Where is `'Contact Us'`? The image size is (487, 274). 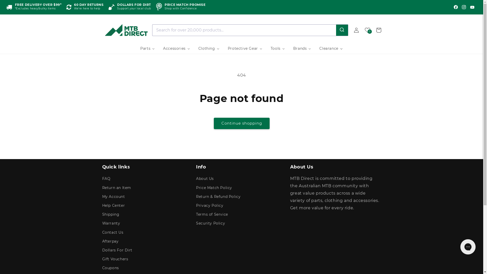 'Contact Us' is located at coordinates (112, 232).